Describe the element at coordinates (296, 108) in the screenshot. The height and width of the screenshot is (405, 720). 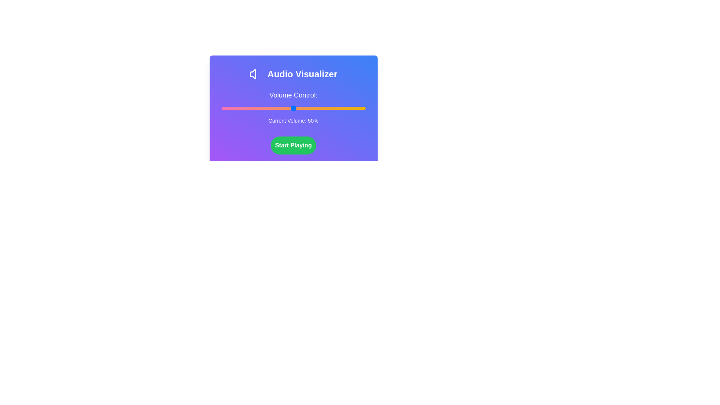
I see `the volume level` at that location.